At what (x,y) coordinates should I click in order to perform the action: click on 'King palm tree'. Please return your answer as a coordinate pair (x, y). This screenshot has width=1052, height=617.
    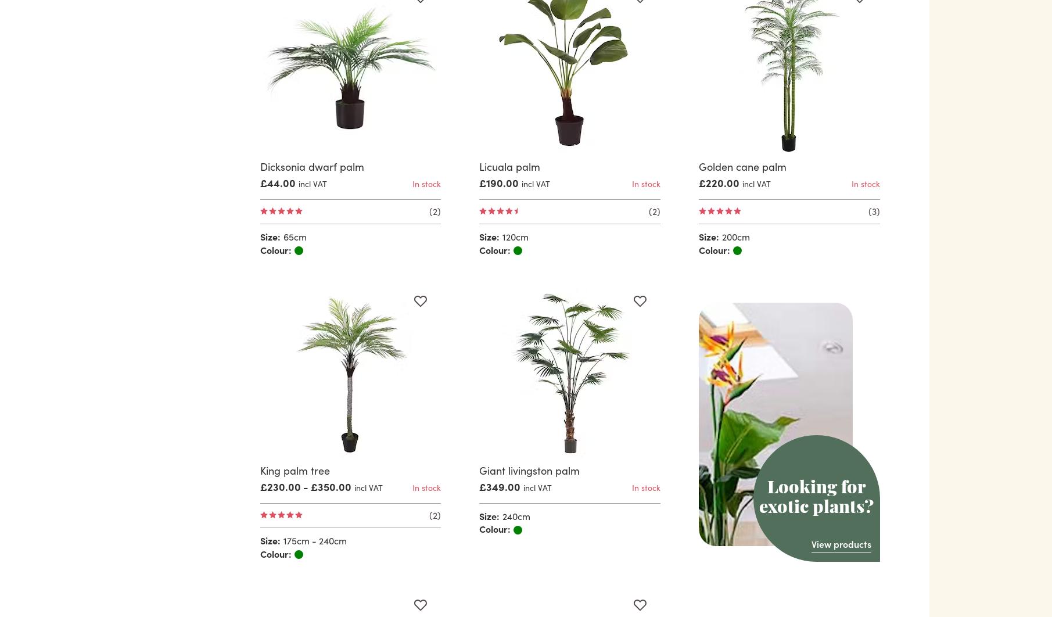
    Looking at the image, I should click on (294, 469).